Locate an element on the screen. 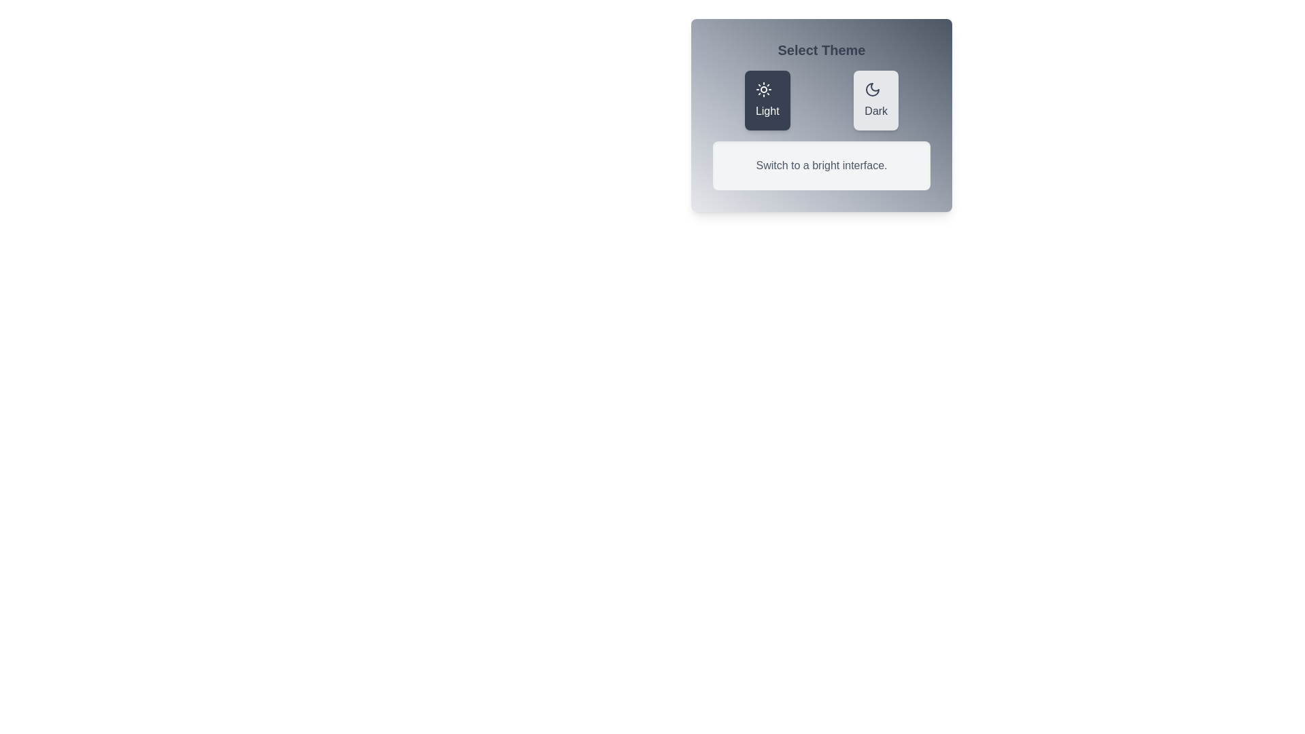 This screenshot has width=1305, height=734. the 'Light' button to toggle the theme is located at coordinates (767, 99).